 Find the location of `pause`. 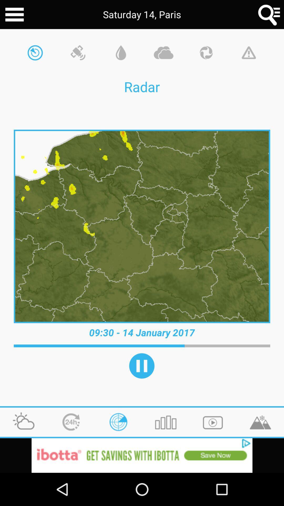

pause is located at coordinates (141, 366).